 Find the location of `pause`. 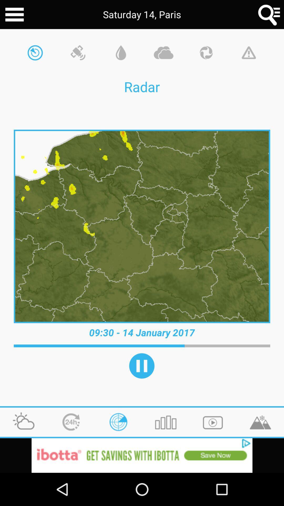

pause is located at coordinates (141, 366).